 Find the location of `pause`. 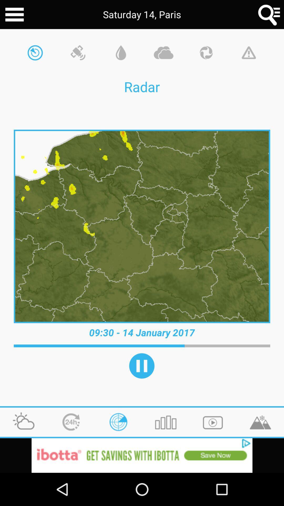

pause is located at coordinates (141, 366).